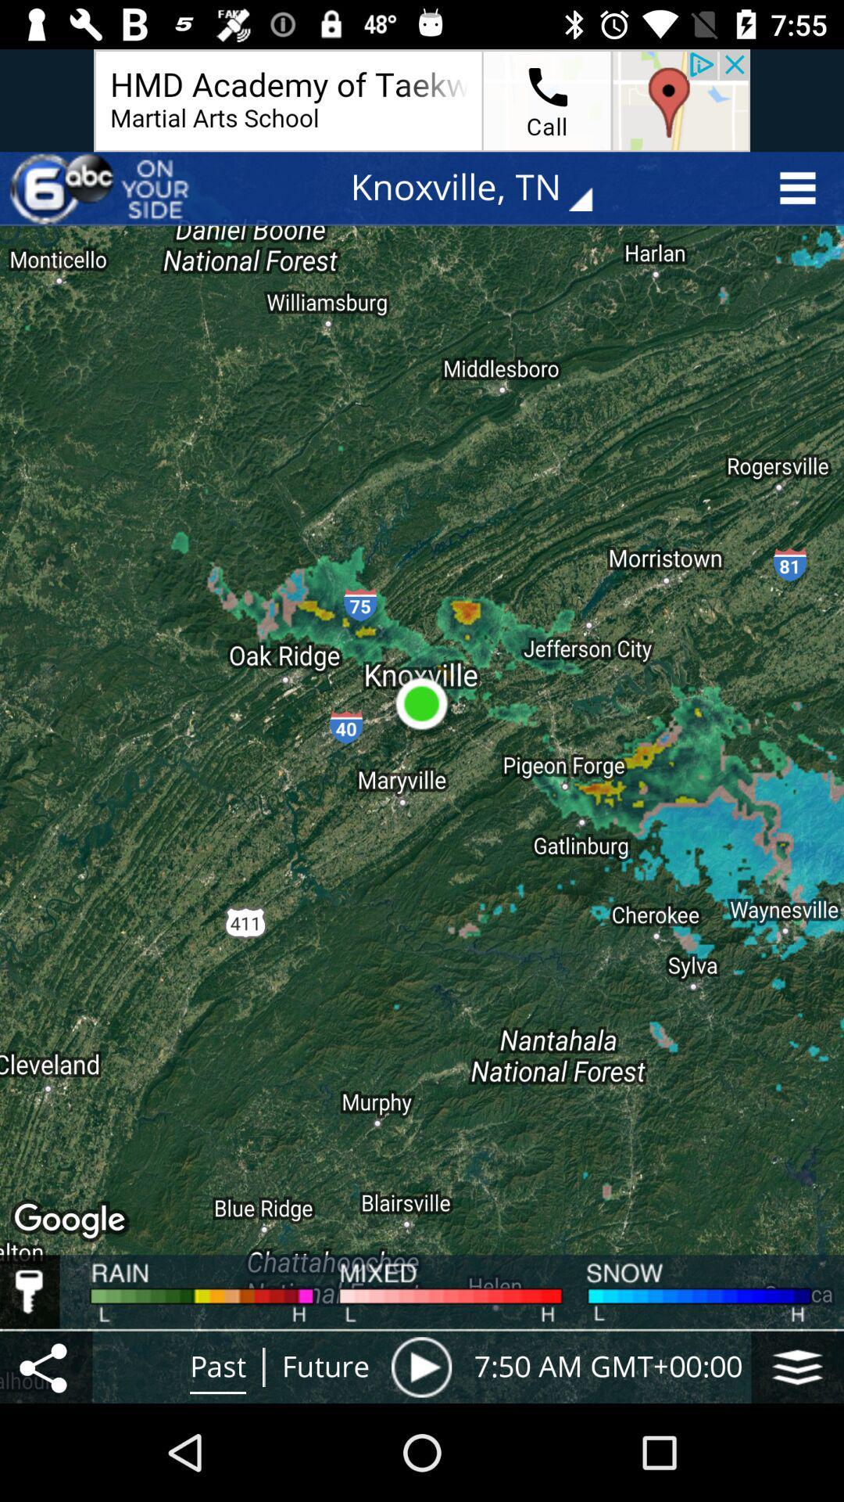 Image resolution: width=844 pixels, height=1502 pixels. What do you see at coordinates (481, 188) in the screenshot?
I see `knoxville, tn icon` at bounding box center [481, 188].